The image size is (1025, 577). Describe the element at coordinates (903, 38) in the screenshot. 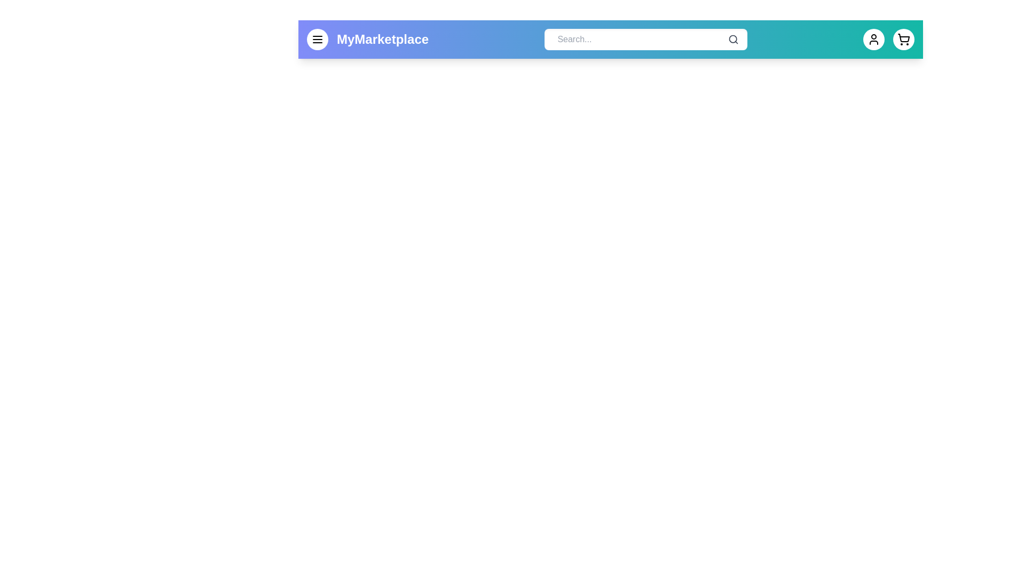

I see `the shopping cart icon to view the shopping cart` at that location.